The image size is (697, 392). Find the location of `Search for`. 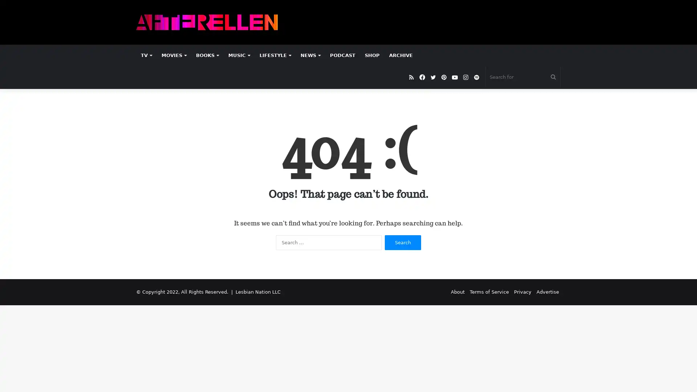

Search for is located at coordinates (553, 77).